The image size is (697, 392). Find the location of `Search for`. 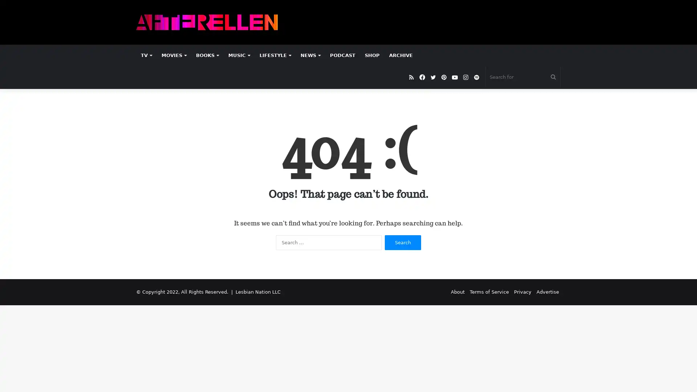

Search for is located at coordinates (553, 77).